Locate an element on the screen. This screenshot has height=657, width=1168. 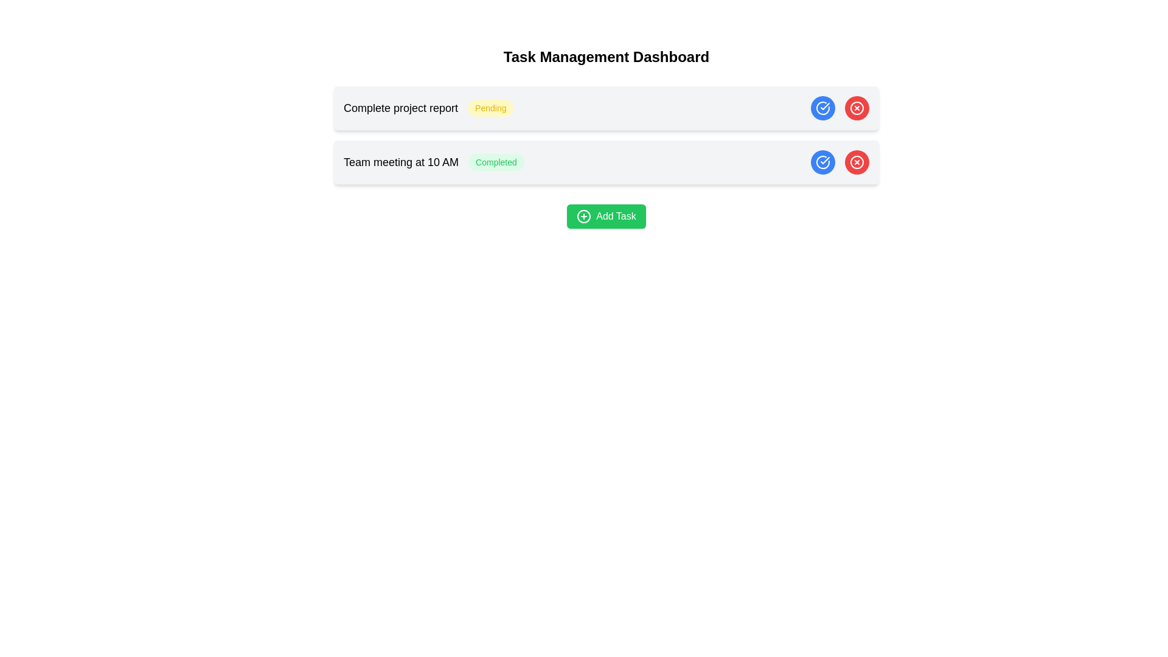
the tag-like label displaying 'Pending' with a pale yellow background, positioned to the right of 'Complete project report' is located at coordinates (490, 107).